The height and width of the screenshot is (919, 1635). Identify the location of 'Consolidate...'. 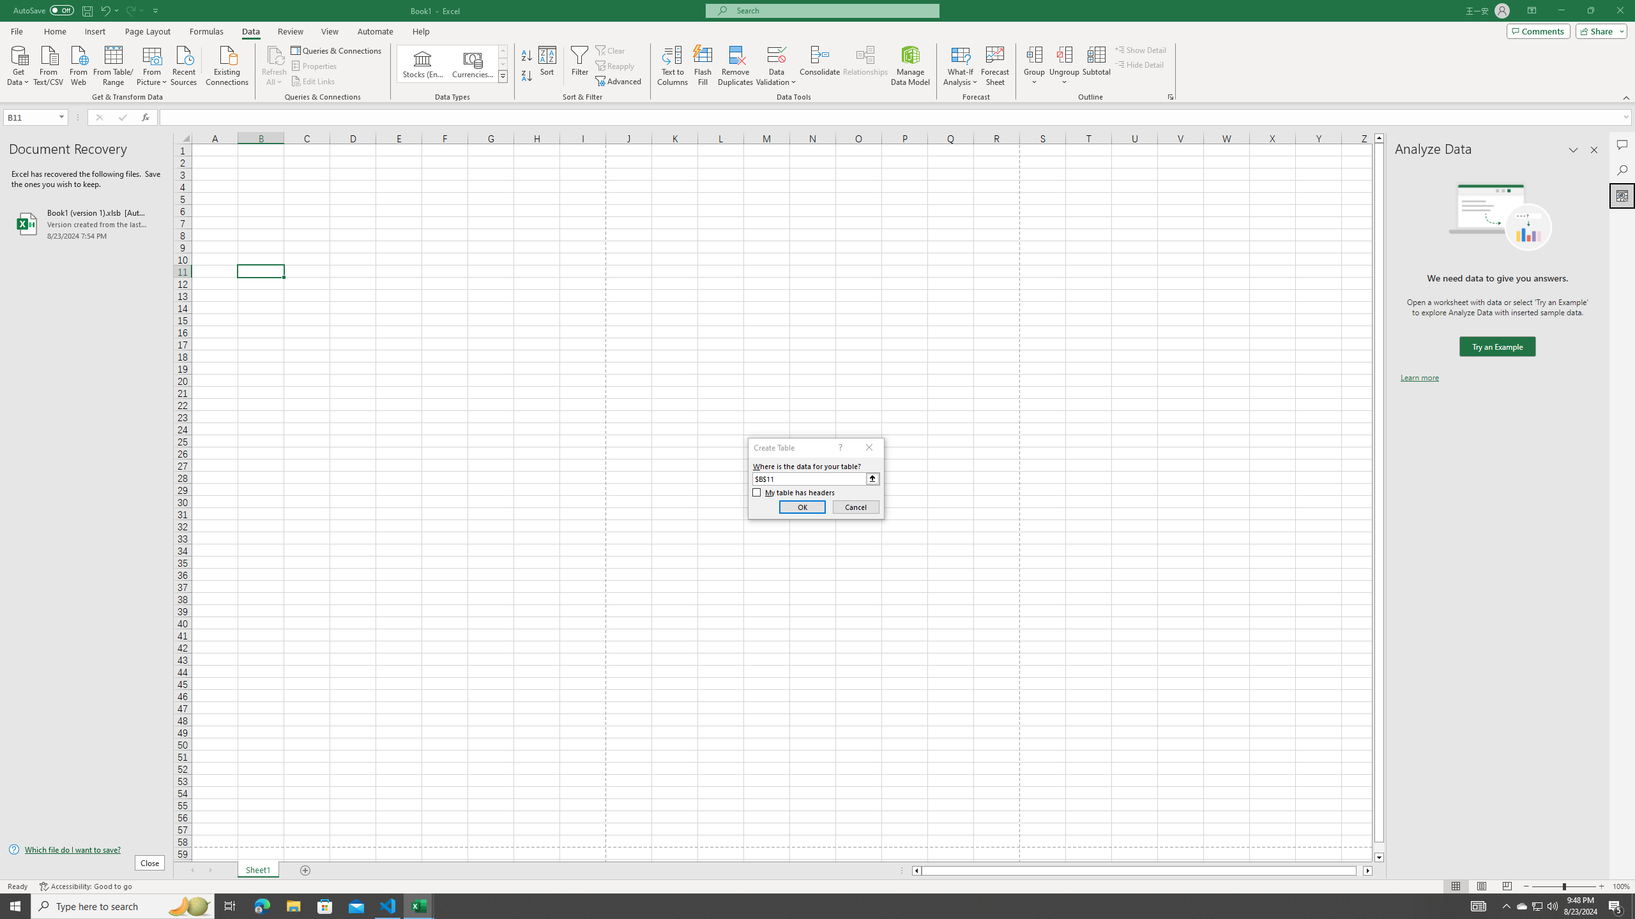
(819, 66).